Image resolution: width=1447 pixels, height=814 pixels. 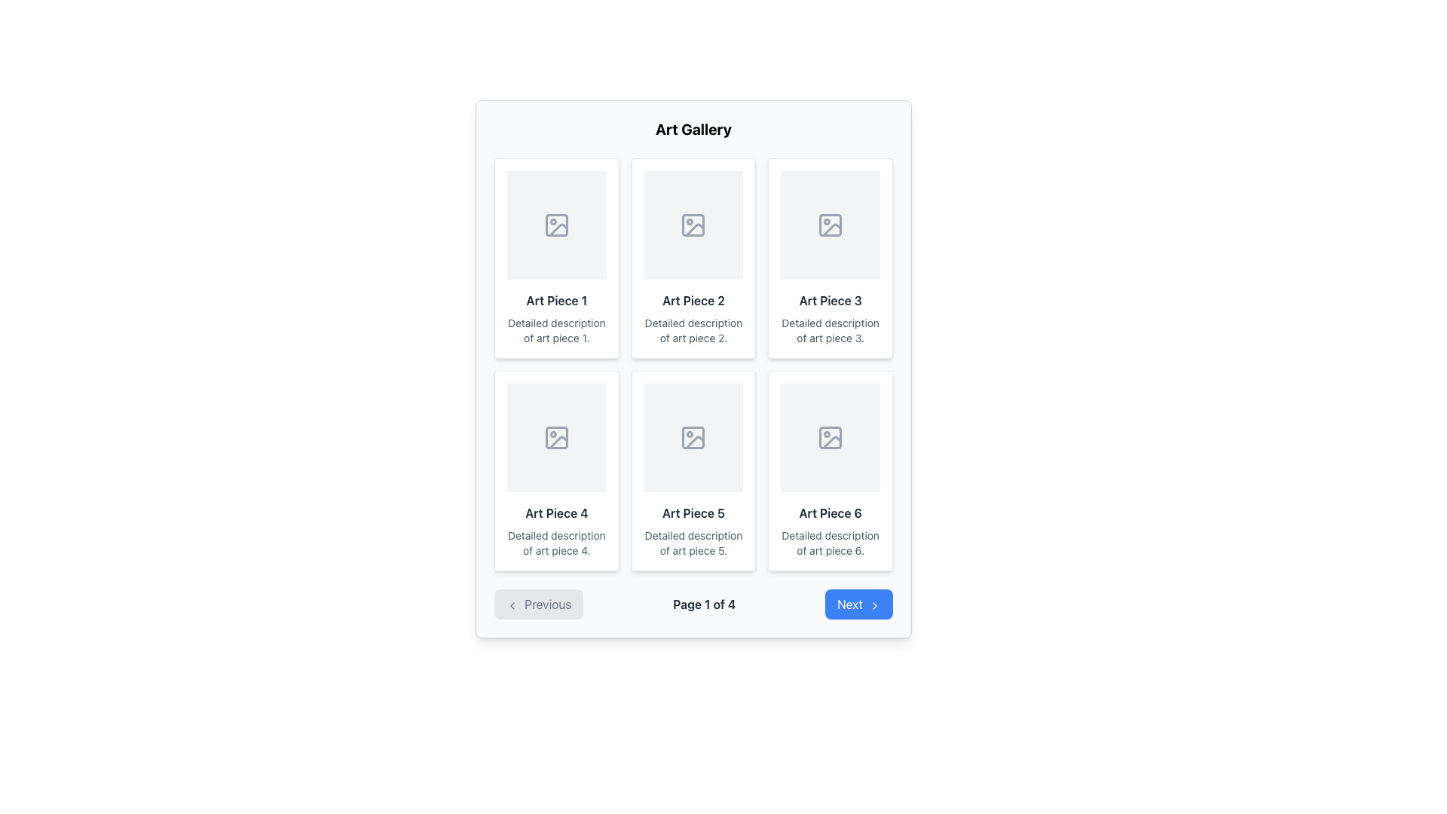 I want to click on content displayed in the Text label that provides additional contextual information about 'Art Piece 2', located in the second card of the first row, so click(x=693, y=330).